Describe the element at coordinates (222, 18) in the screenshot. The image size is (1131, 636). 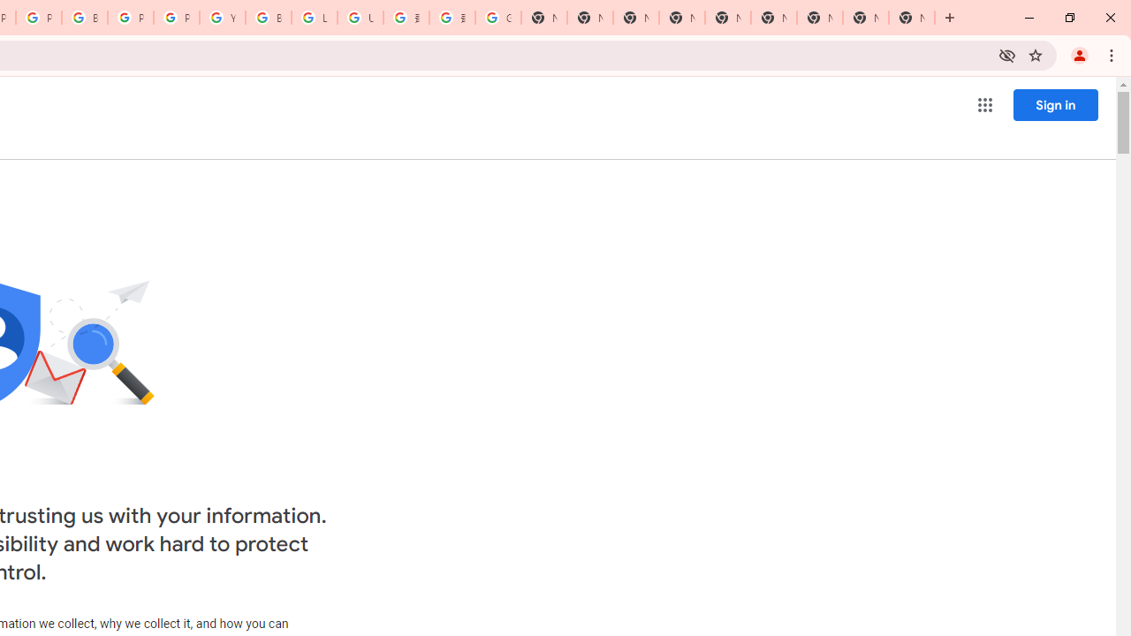
I see `'YouTube'` at that location.